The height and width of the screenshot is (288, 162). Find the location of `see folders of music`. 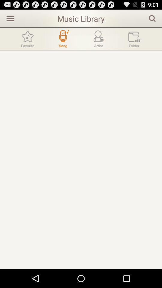

see folders of music is located at coordinates (134, 38).